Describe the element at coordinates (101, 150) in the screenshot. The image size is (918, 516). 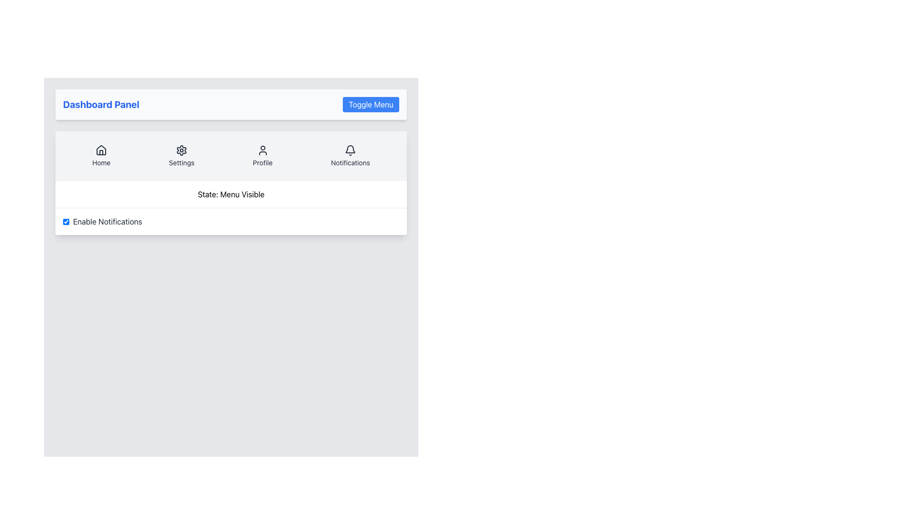
I see `the 'Home' graphical icon, which is styled minimally with a white background and dark outlines` at that location.